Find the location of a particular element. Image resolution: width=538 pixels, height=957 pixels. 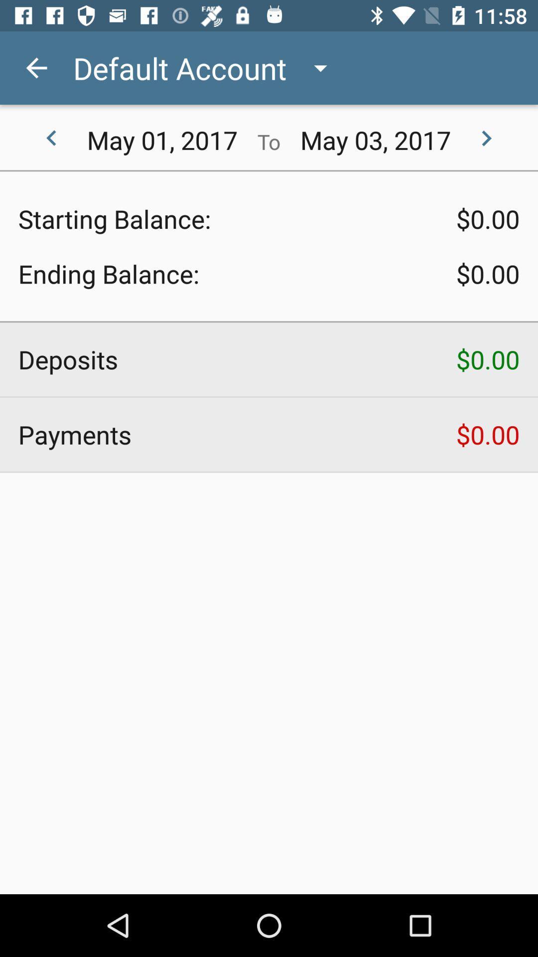

the arrow_backward icon is located at coordinates (51, 138).